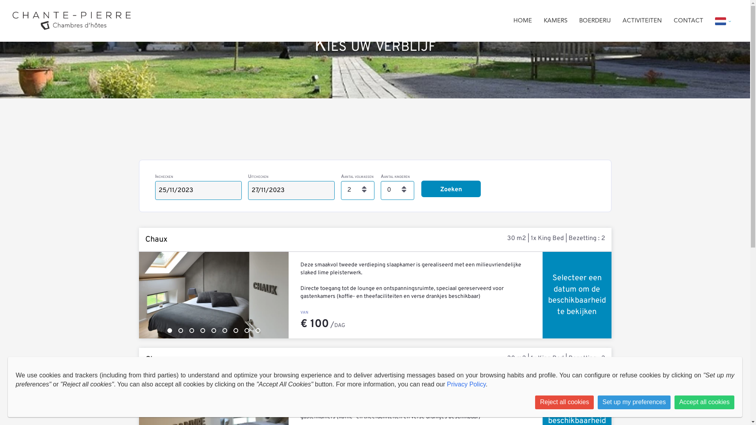 Image resolution: width=756 pixels, height=425 pixels. What do you see at coordinates (451, 188) in the screenshot?
I see `'Zoeken'` at bounding box center [451, 188].